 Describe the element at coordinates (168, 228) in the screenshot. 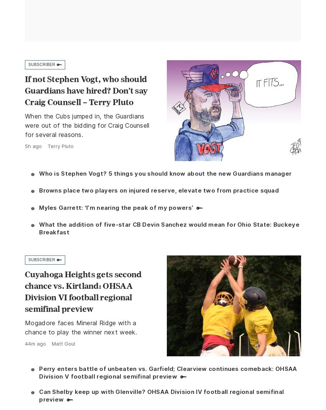

I see `'What the addition of five-star CB Devin Sanchez would mean for Ohio State: Buckeye Breakfast'` at that location.